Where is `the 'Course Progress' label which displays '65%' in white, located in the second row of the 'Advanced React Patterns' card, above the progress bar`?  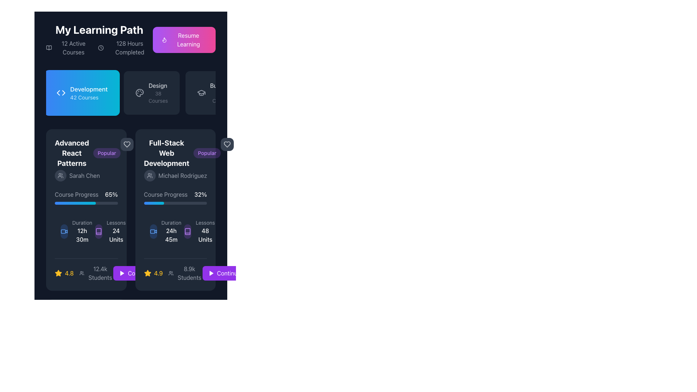
the 'Course Progress' label which displays '65%' in white, located in the second row of the 'Advanced React Patterns' card, above the progress bar is located at coordinates (86, 194).